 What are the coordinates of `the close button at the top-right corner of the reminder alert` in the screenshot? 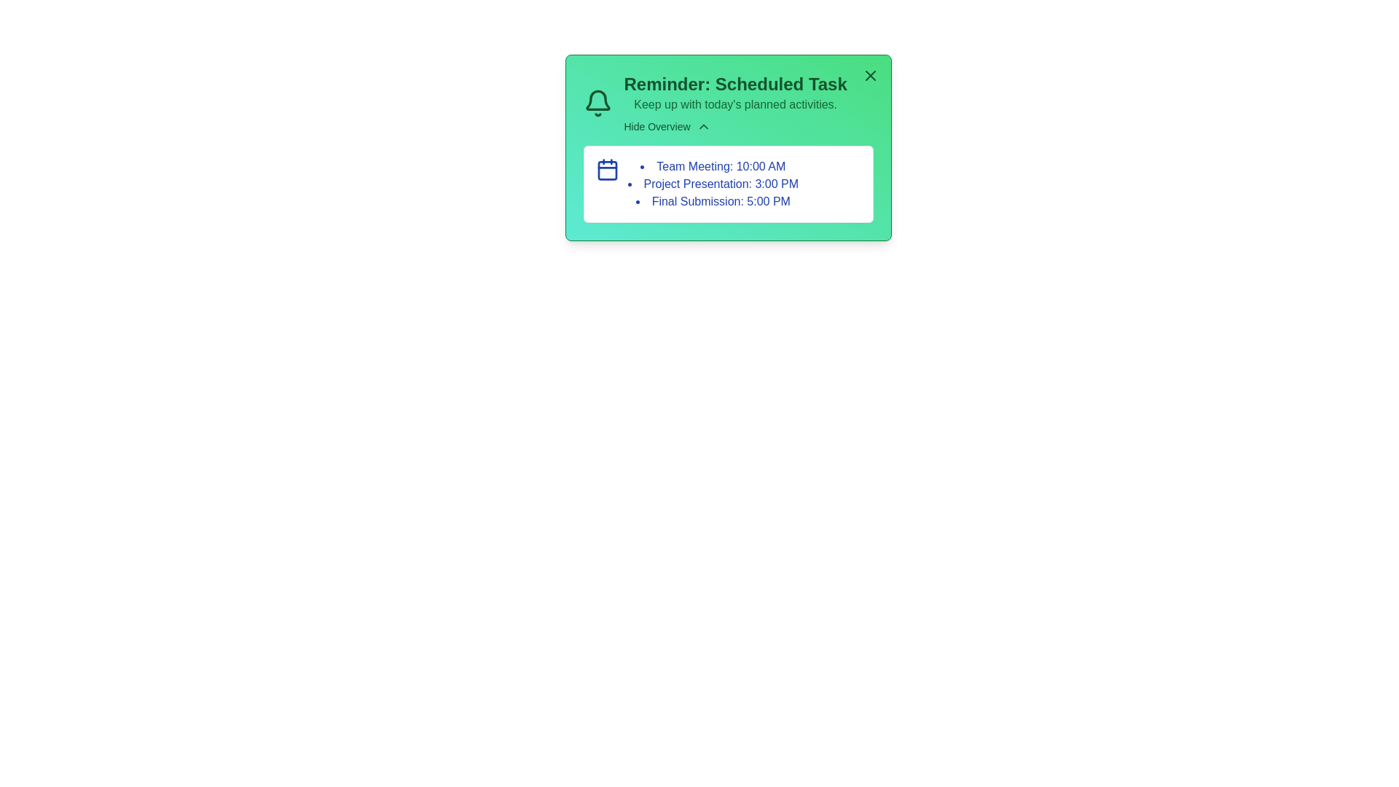 It's located at (870, 76).